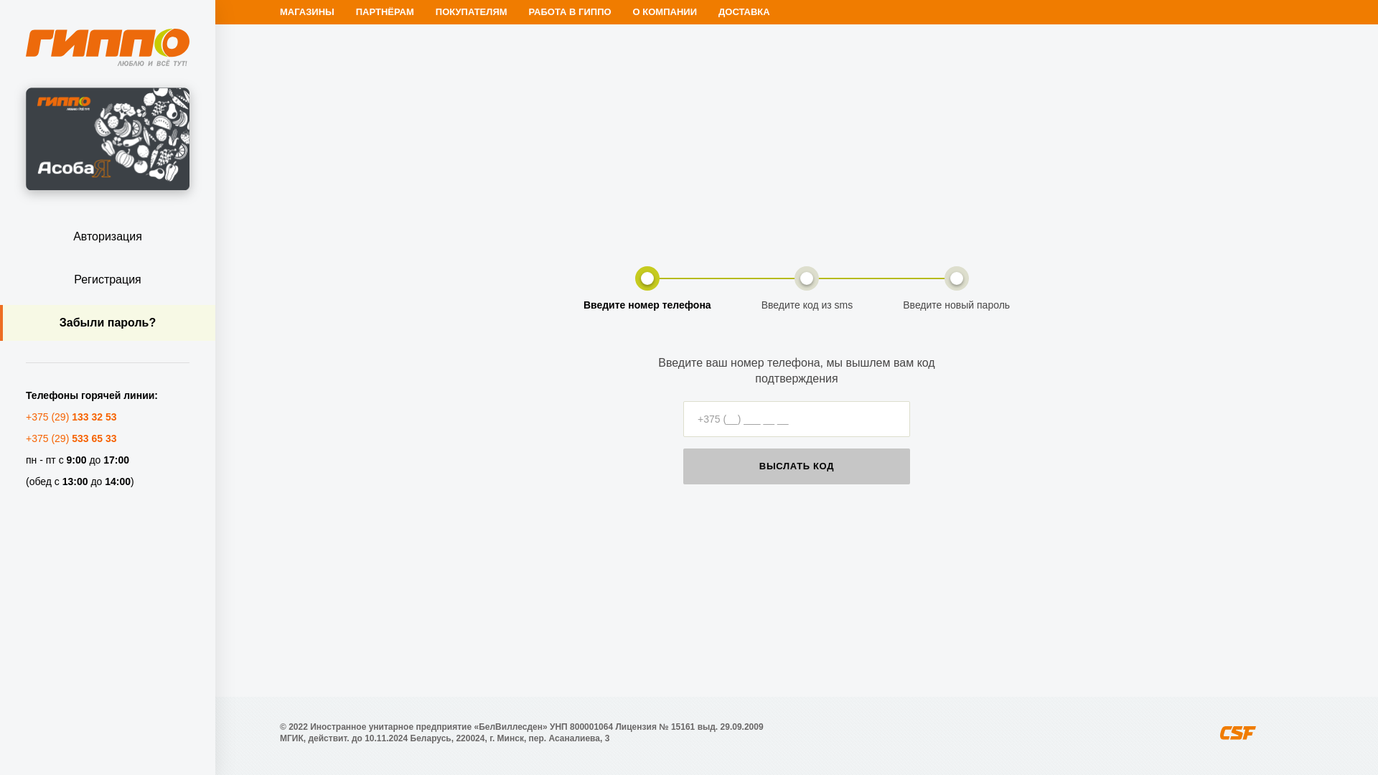 The height and width of the screenshot is (775, 1378). What do you see at coordinates (70, 417) in the screenshot?
I see `'+375 (29) 133 32 53'` at bounding box center [70, 417].